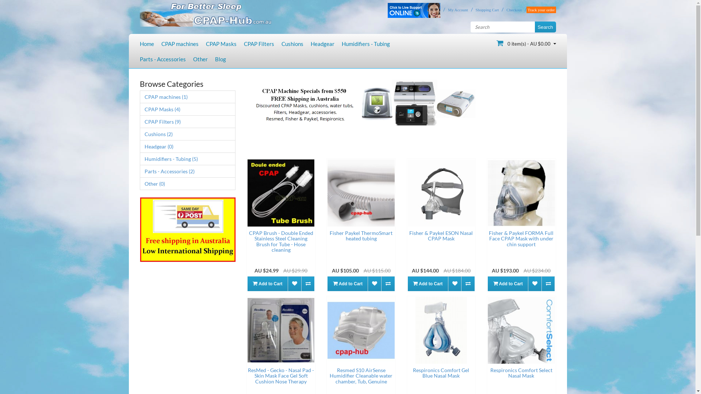  Describe the element at coordinates (441, 330) in the screenshot. I see `'Respironics Comfort Gel Blue Nasal Mask'` at that location.